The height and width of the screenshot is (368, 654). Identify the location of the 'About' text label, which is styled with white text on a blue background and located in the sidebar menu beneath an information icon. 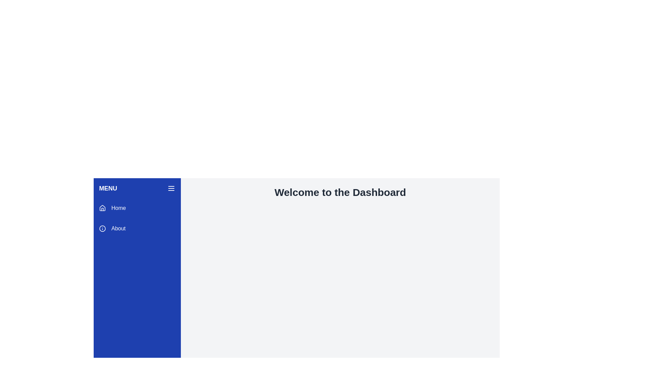
(118, 229).